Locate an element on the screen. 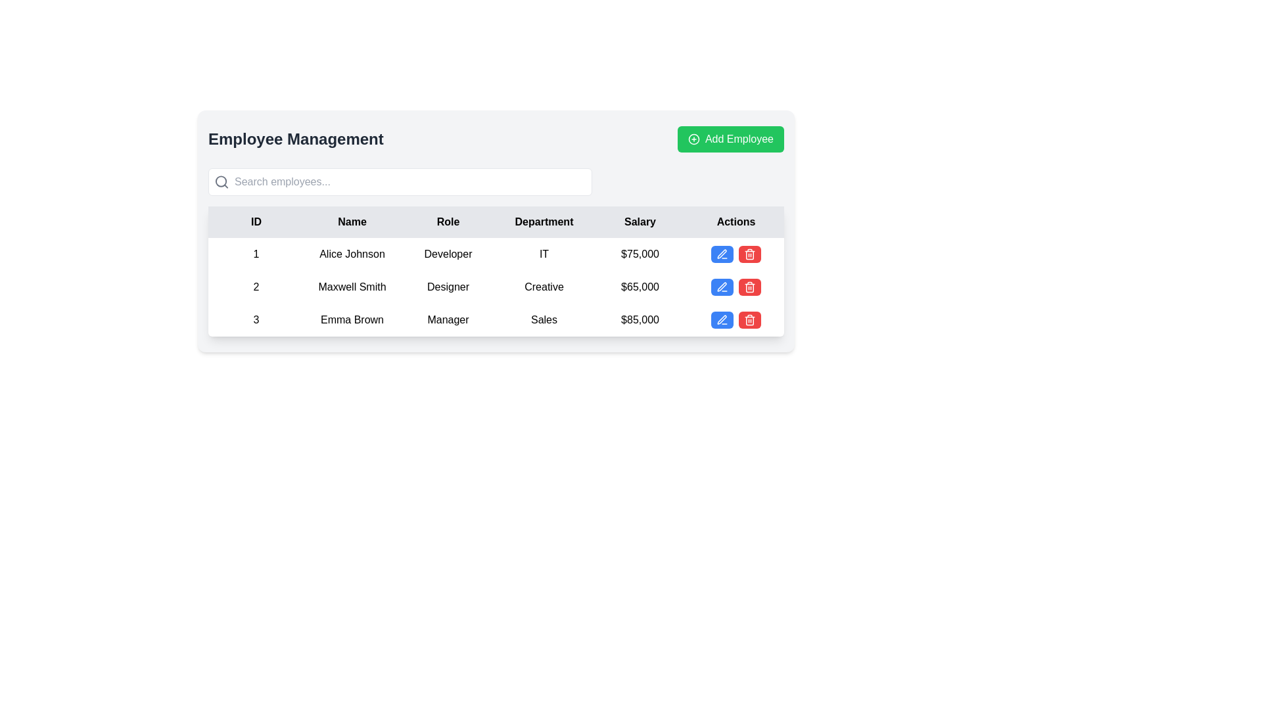  the delete icon inside the red button located in the last column of the third row, corresponding to the employee record for Emma Brown is located at coordinates (750, 319).